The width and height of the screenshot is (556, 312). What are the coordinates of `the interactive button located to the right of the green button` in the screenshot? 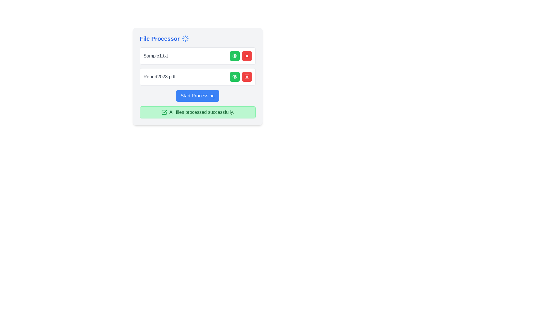 It's located at (247, 56).